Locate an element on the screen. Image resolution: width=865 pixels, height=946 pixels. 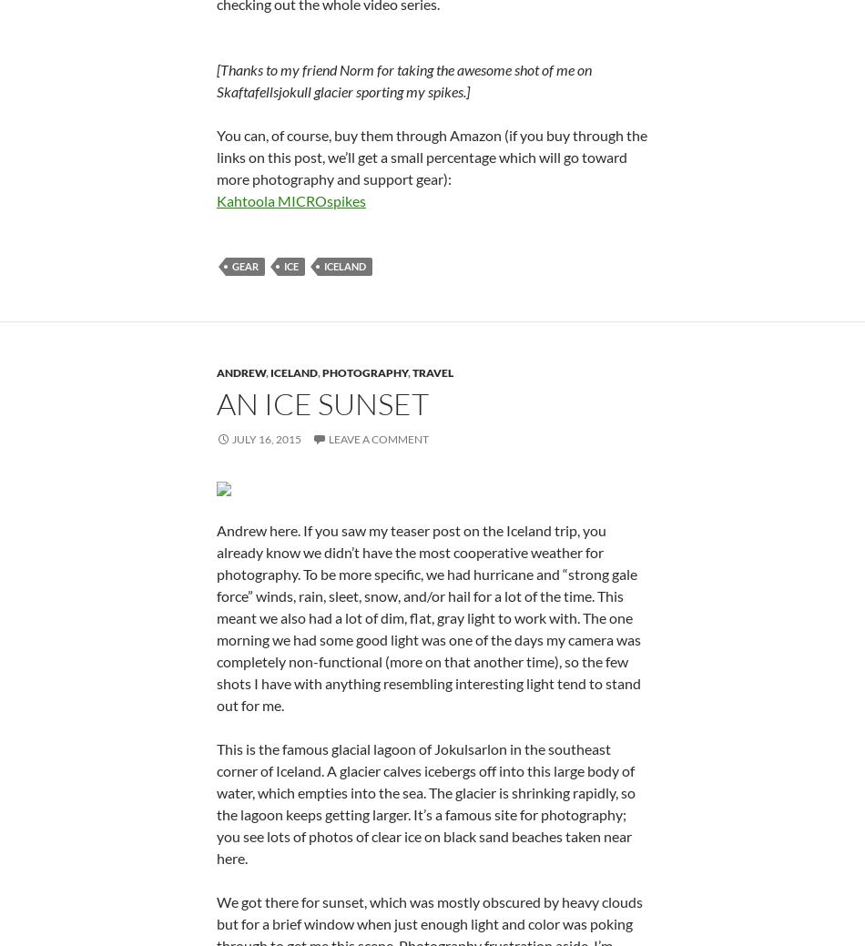
'travel' is located at coordinates (432, 594).